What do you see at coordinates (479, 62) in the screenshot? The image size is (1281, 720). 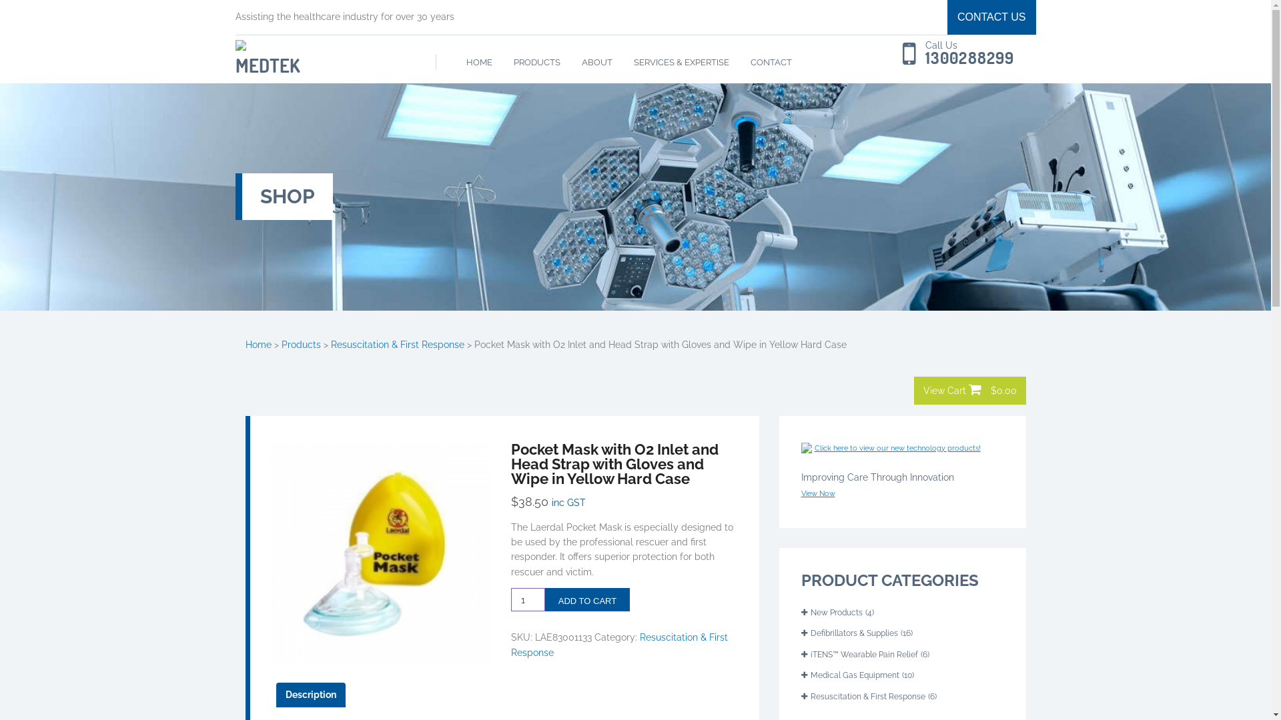 I see `'HOME'` at bounding box center [479, 62].